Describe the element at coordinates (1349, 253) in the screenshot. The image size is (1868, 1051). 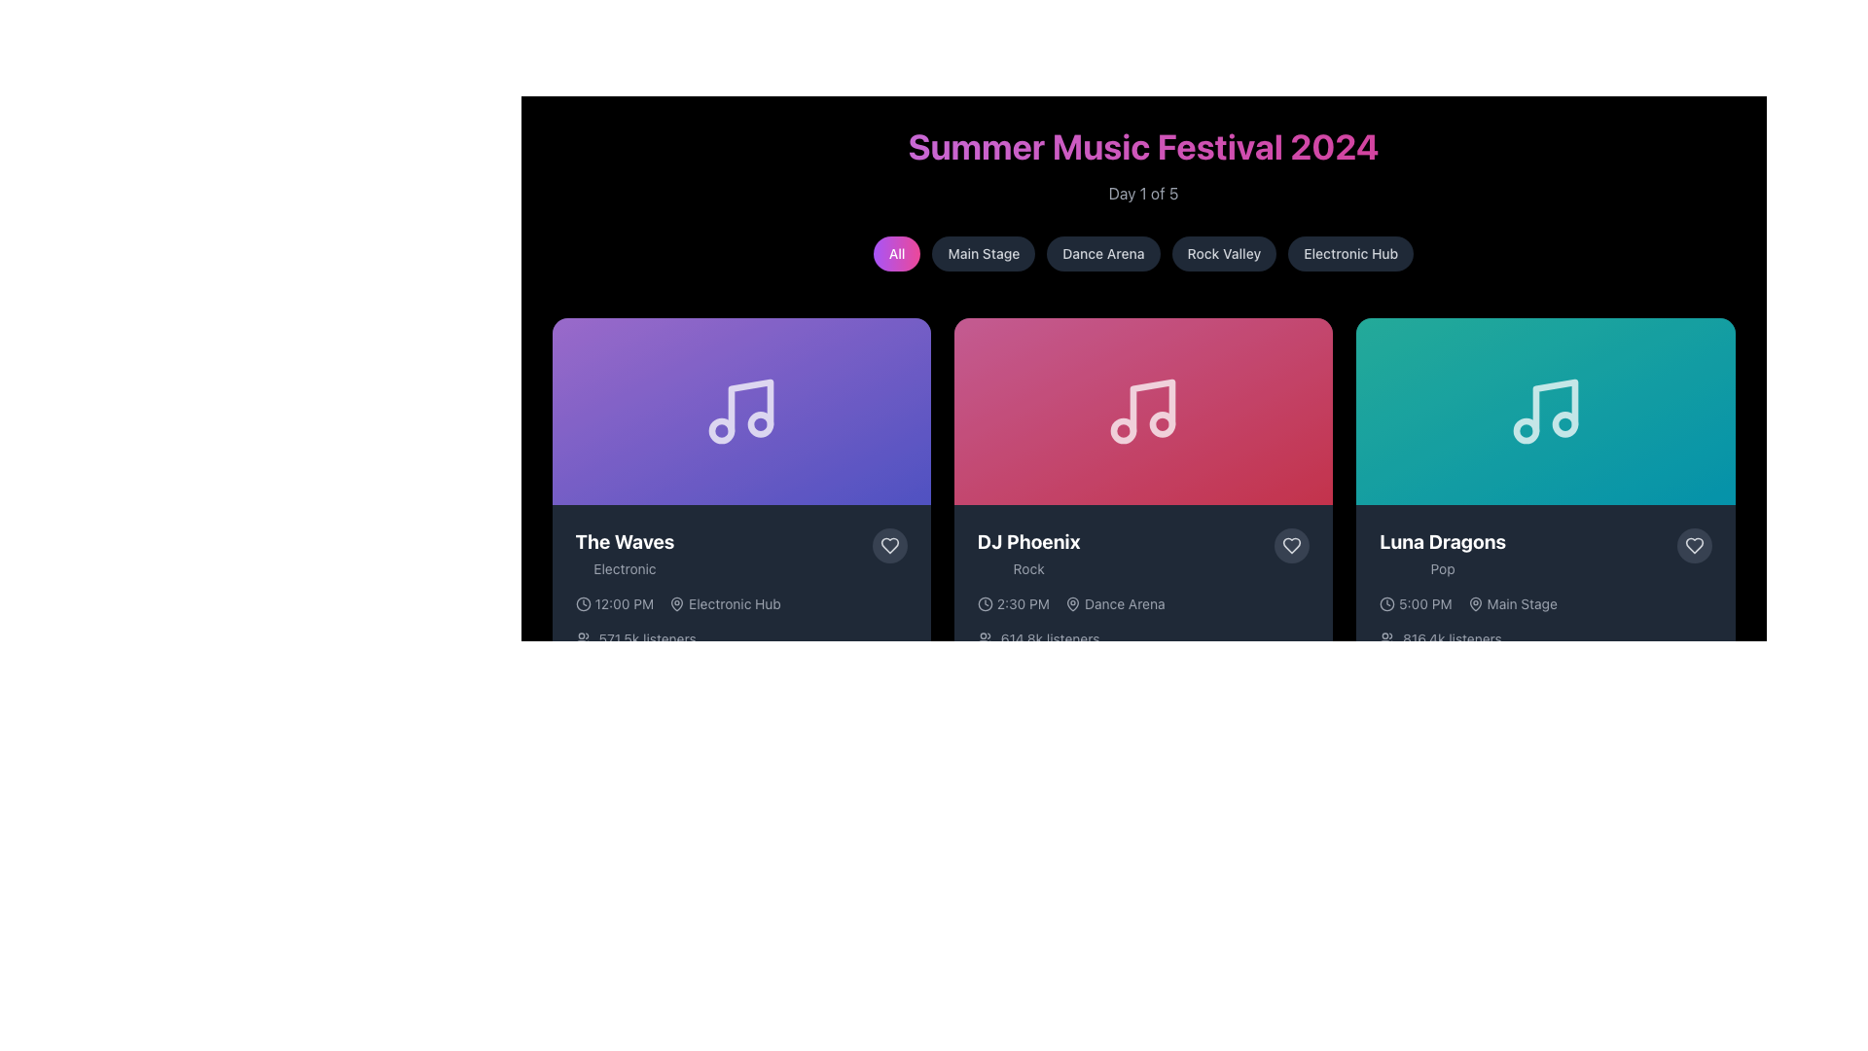
I see `the 'Electronic Hub' rounded rectangular button with light gray text on a dark gray background` at that location.